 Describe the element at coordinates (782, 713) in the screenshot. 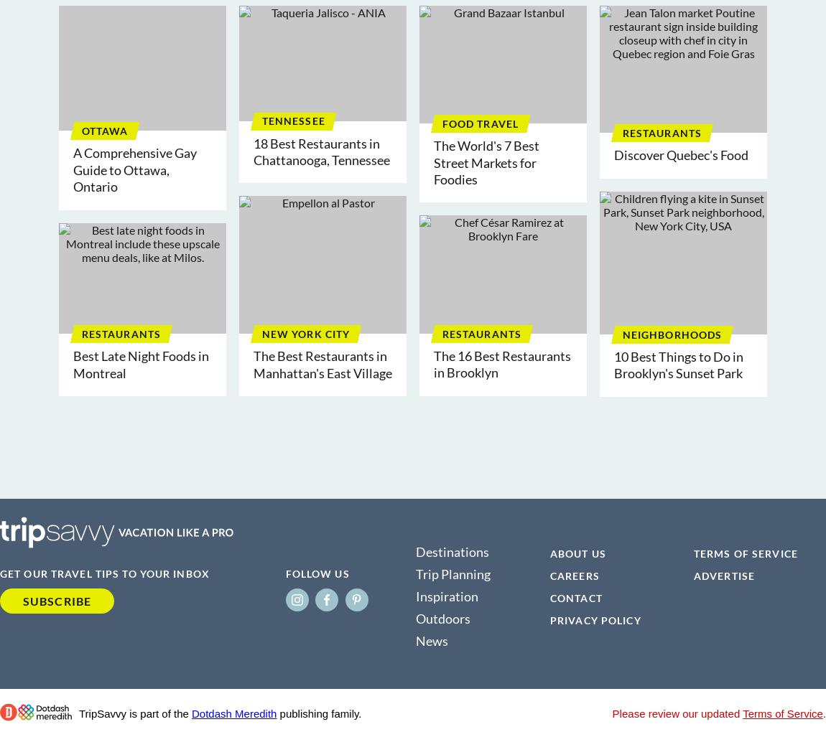

I see `'Terms of Service'` at that location.